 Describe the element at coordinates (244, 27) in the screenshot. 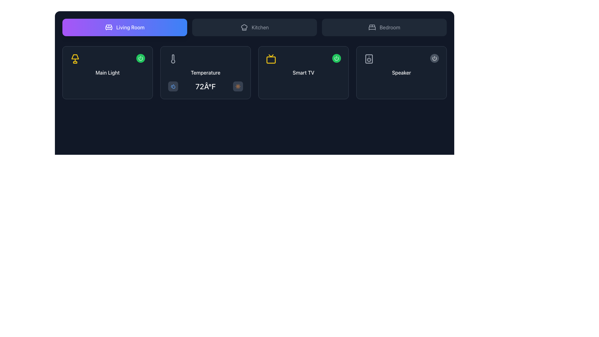

I see `the 'Kitchen' navigation icon, which is the first visual component in the navigation bar, located to the left of the text 'Kitchen'` at that location.